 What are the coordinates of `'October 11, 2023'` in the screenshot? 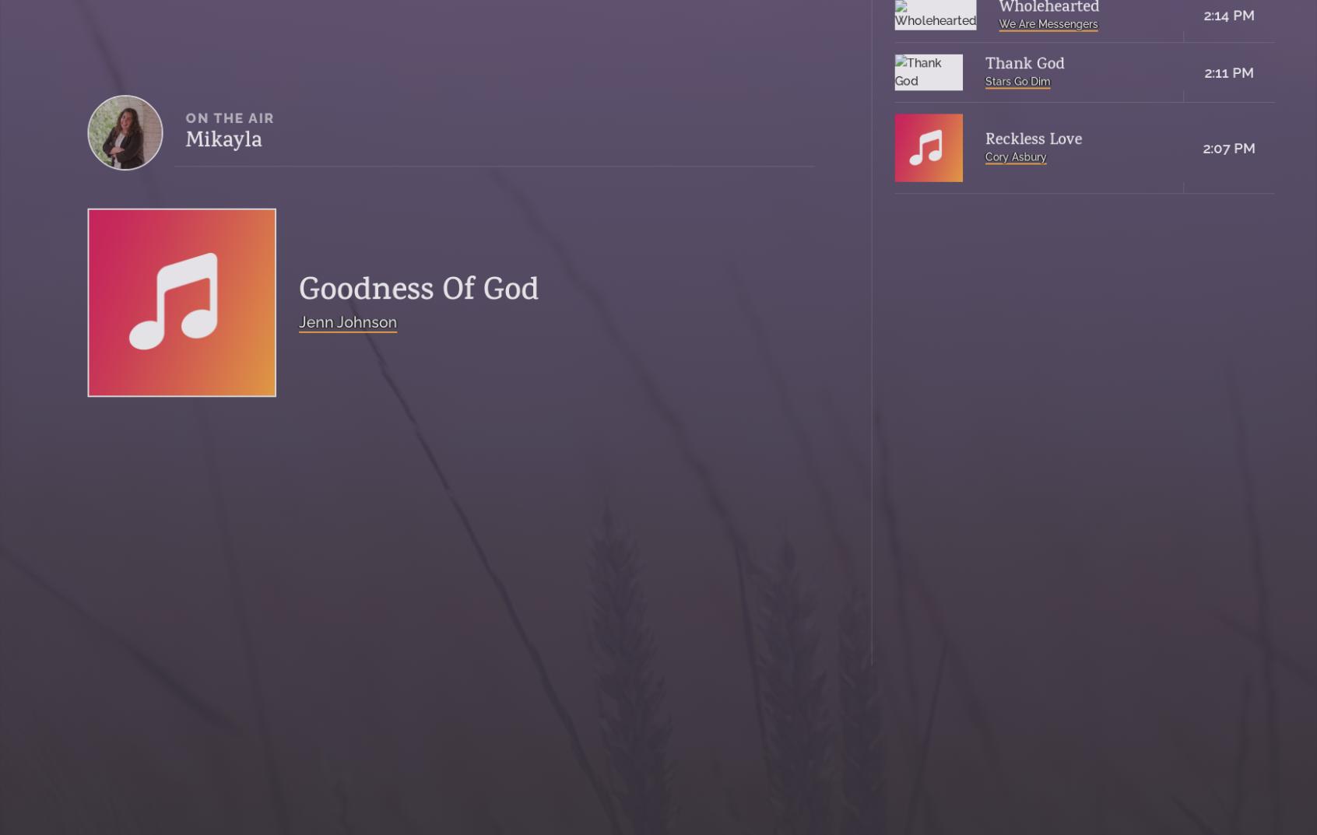 It's located at (915, 118).